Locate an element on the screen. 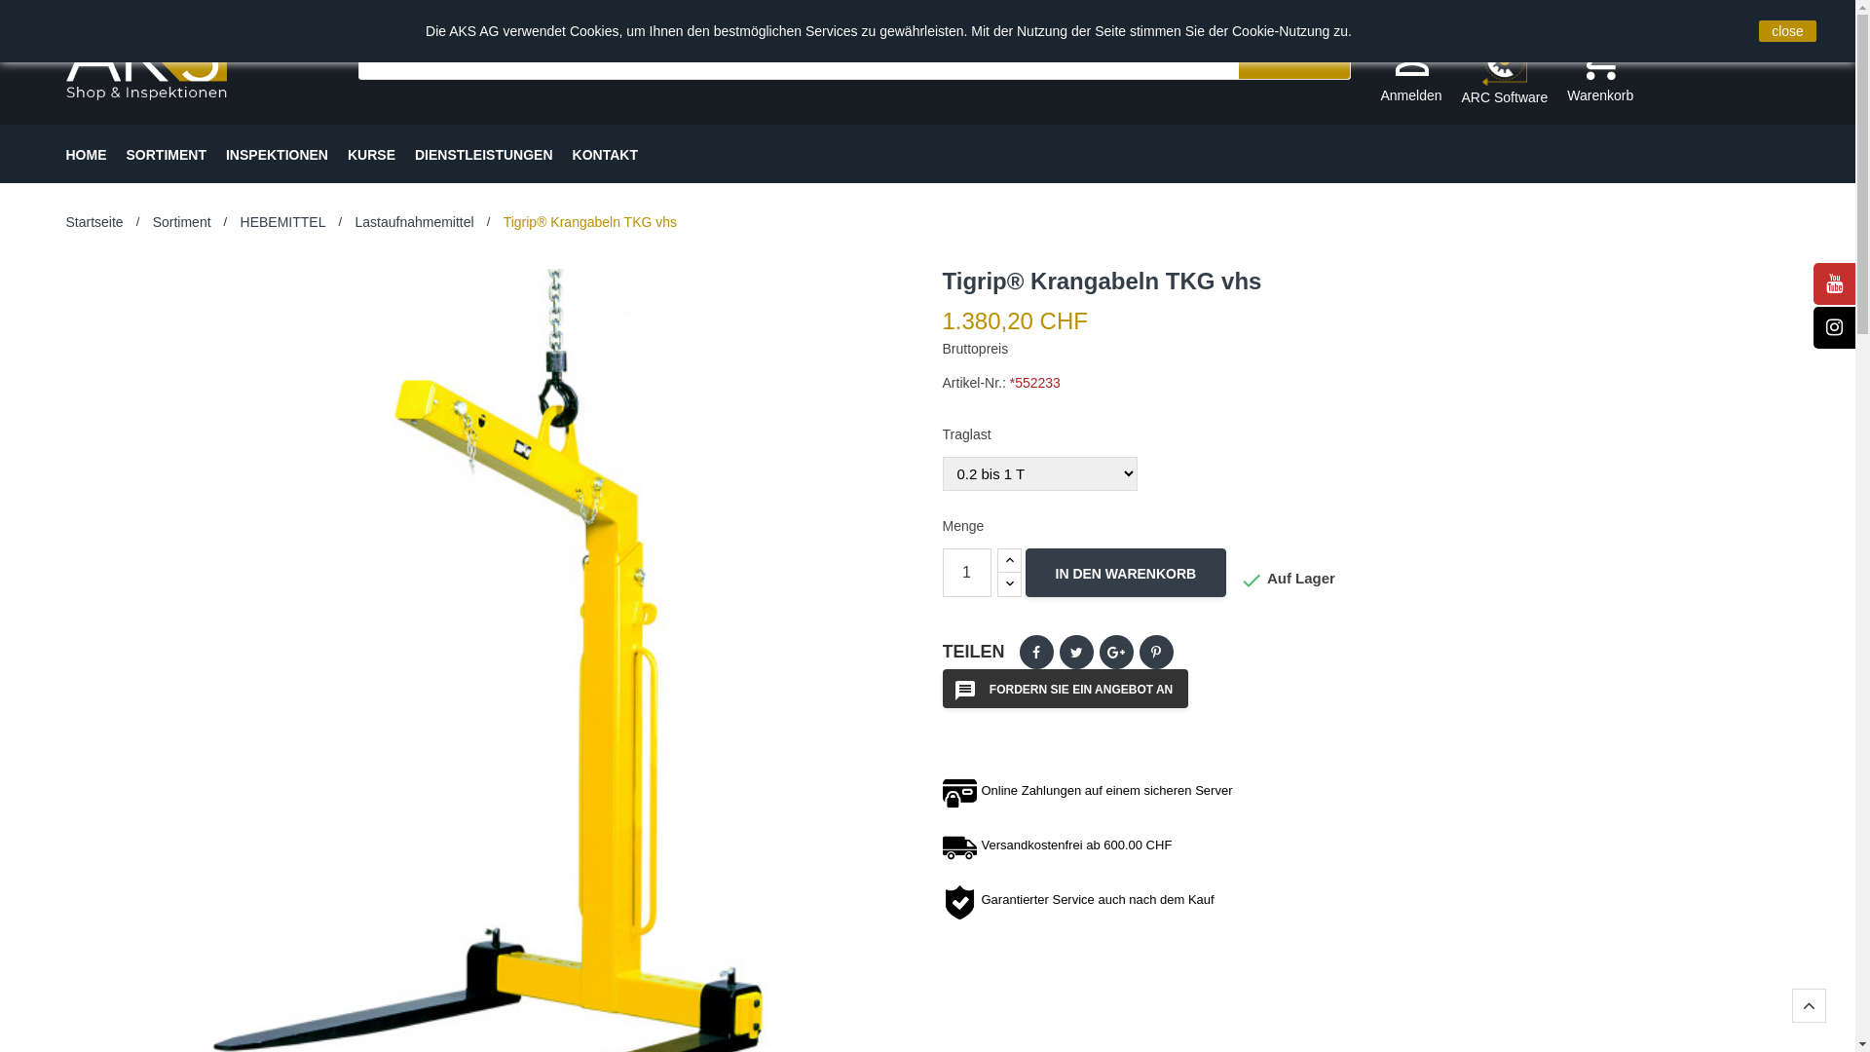  'Pinterest' is located at coordinates (1156, 652).